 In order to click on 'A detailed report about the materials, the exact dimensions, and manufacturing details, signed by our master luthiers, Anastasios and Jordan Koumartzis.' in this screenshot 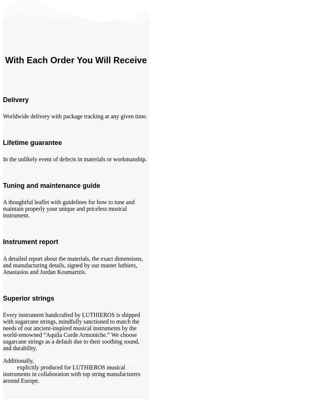, I will do `click(2, 264)`.